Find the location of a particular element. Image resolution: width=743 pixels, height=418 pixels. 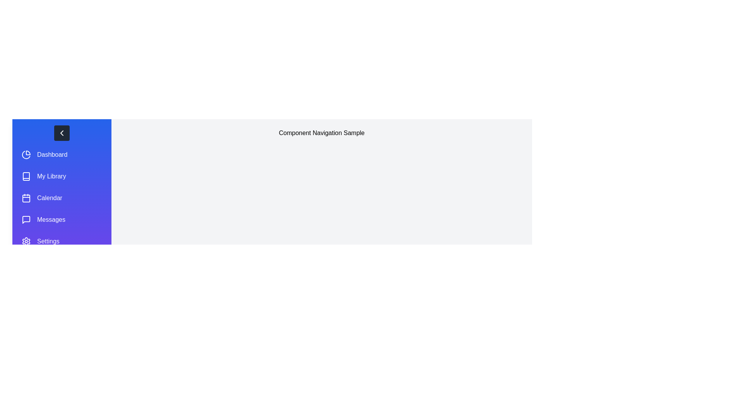

the menu item My Library from the navigation panel is located at coordinates (61, 176).